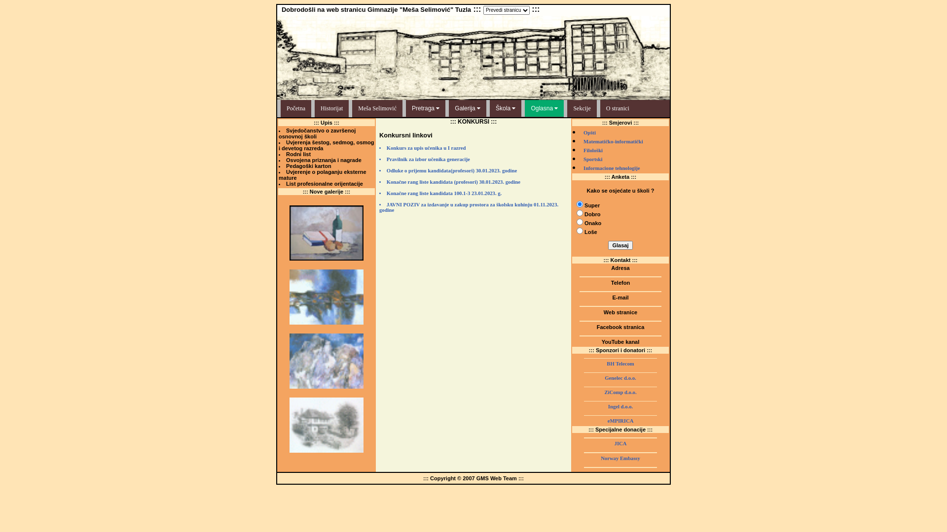 This screenshot has width=947, height=532. Describe the element at coordinates (467, 108) in the screenshot. I see `'Galerija'` at that location.